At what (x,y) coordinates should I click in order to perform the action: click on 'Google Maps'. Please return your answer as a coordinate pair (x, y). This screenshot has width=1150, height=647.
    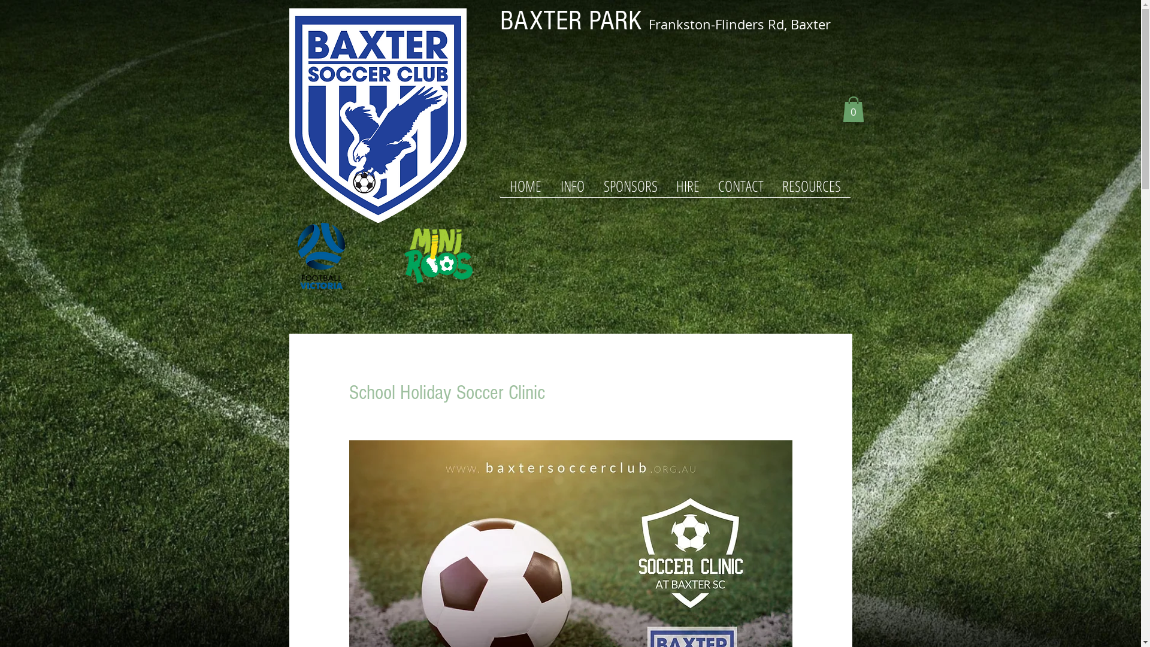
    Looking at the image, I should click on (674, 100).